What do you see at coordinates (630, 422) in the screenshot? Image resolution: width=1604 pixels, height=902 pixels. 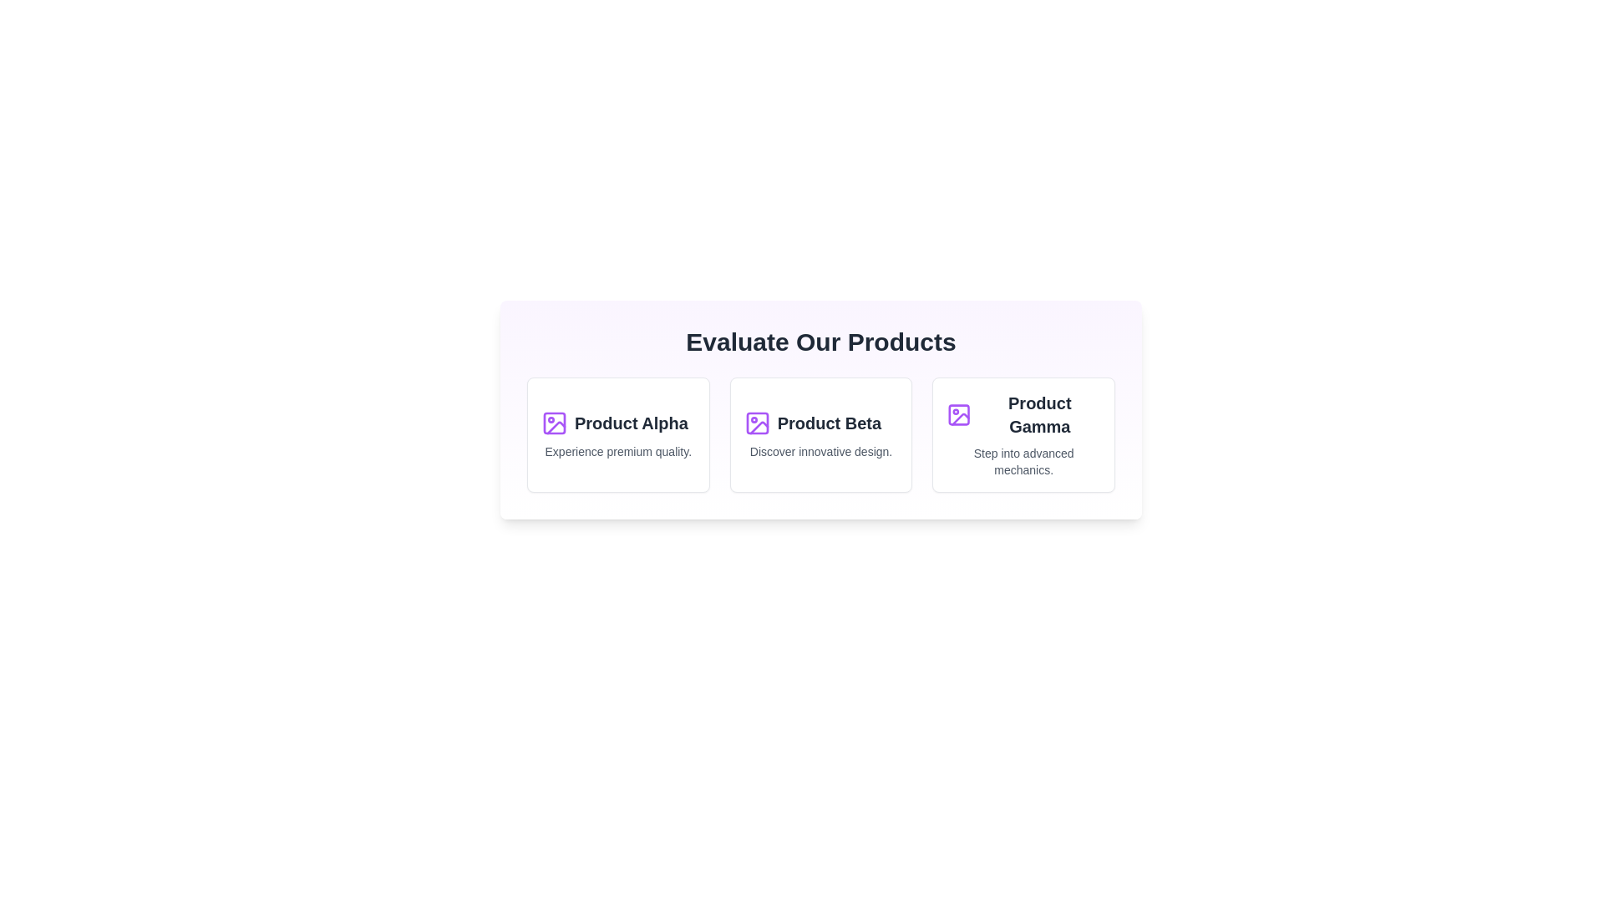 I see `bold, large-sized, dark gray text label reading 'Product Alpha' located in the top-left section of a three-column layout inside a product card` at bounding box center [630, 422].